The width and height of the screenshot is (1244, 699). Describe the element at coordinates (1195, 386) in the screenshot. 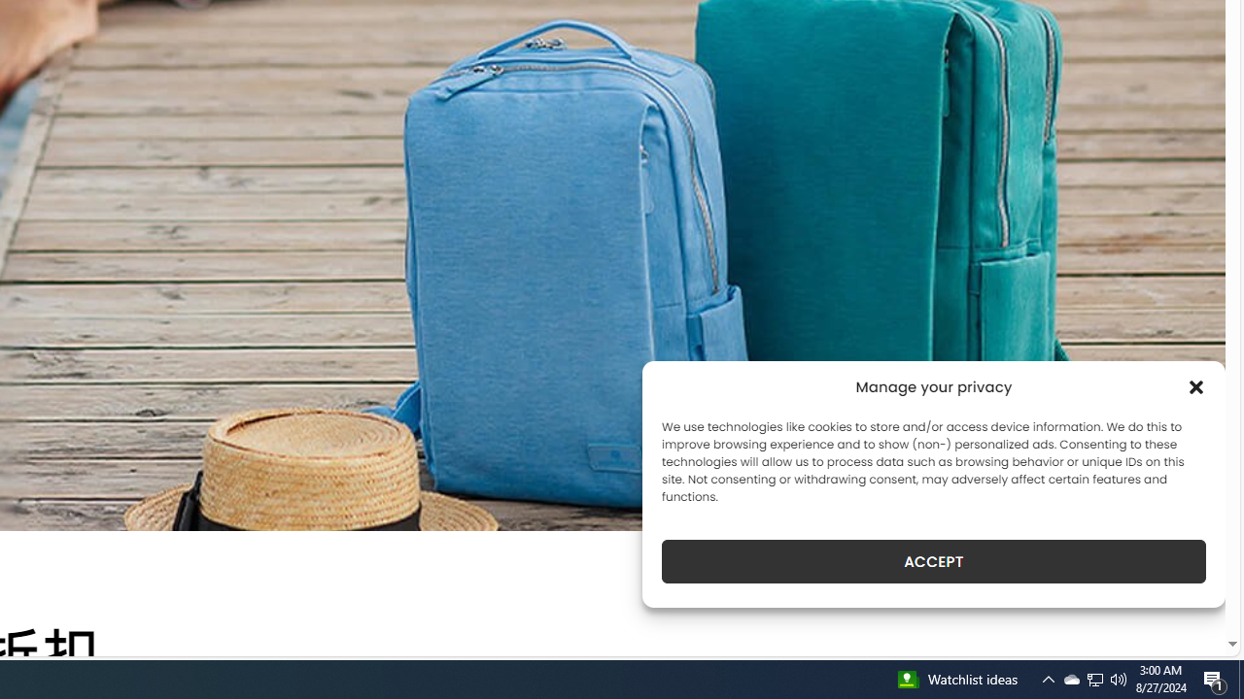

I see `'Class: cmplz-close'` at that location.